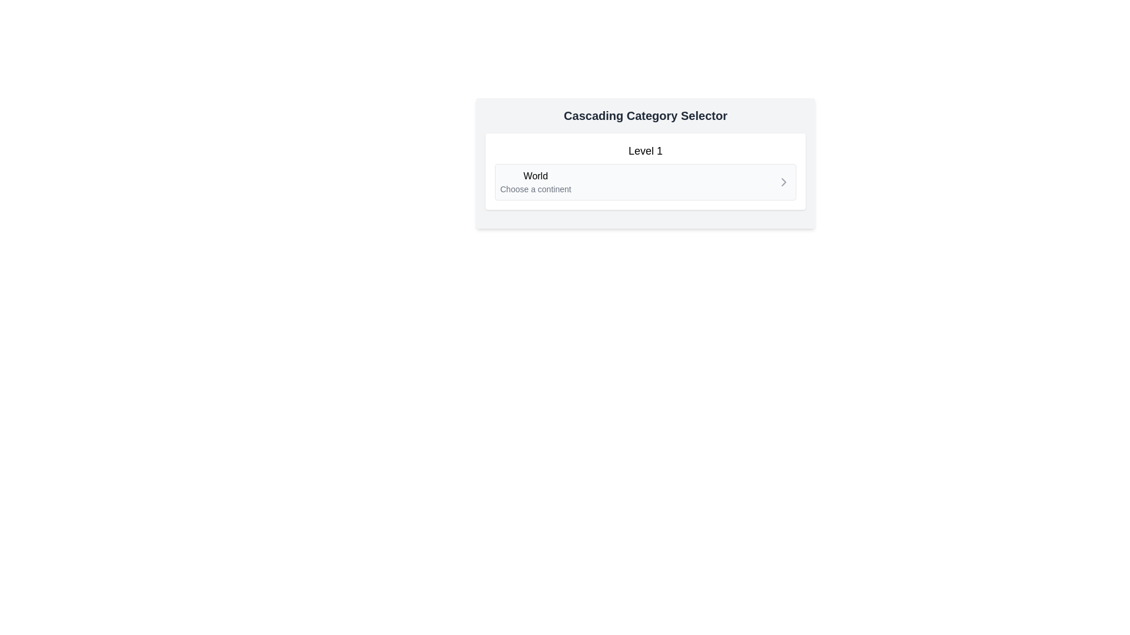  What do you see at coordinates (783, 182) in the screenshot?
I see `the right-chevron SVG icon, which is positioned within the 'World' row of the cascading category selector interface, to check for potential visual feedback` at bounding box center [783, 182].